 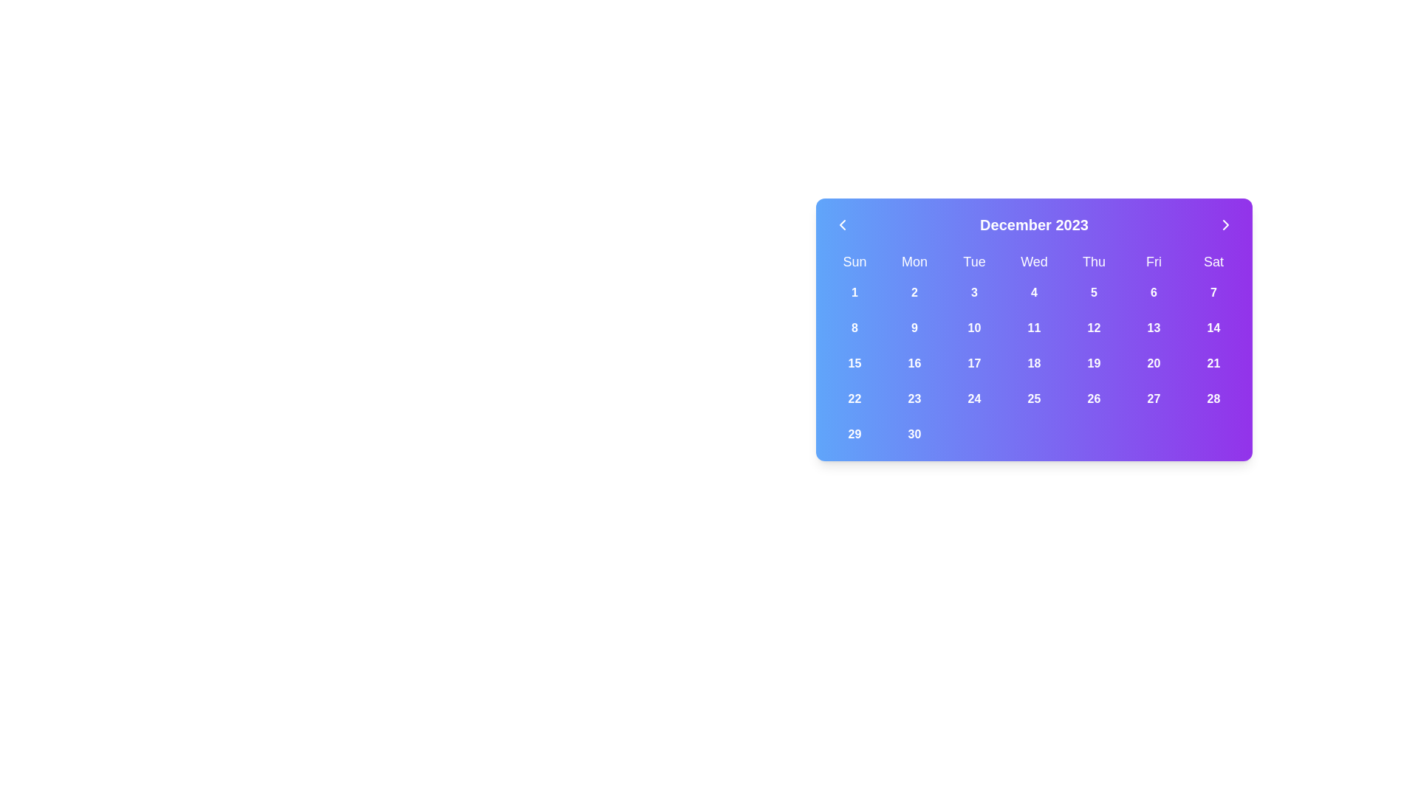 What do you see at coordinates (854, 293) in the screenshot?
I see `the clickable calendar day cell representing the first day of the month under the 'Sun' header` at bounding box center [854, 293].